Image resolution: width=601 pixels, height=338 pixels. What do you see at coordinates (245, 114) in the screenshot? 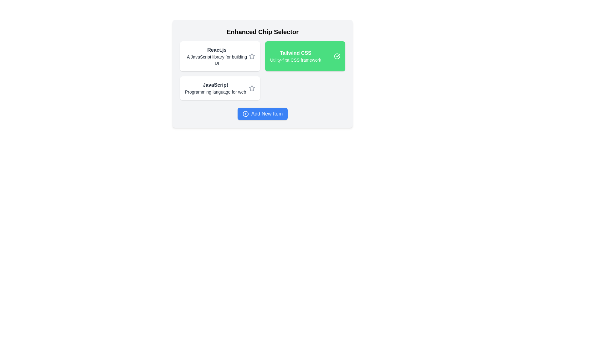
I see `the decorative SVG icon located to the left of the 'Add New Item' text within the button, which visually indicates the action to add an item` at bounding box center [245, 114].